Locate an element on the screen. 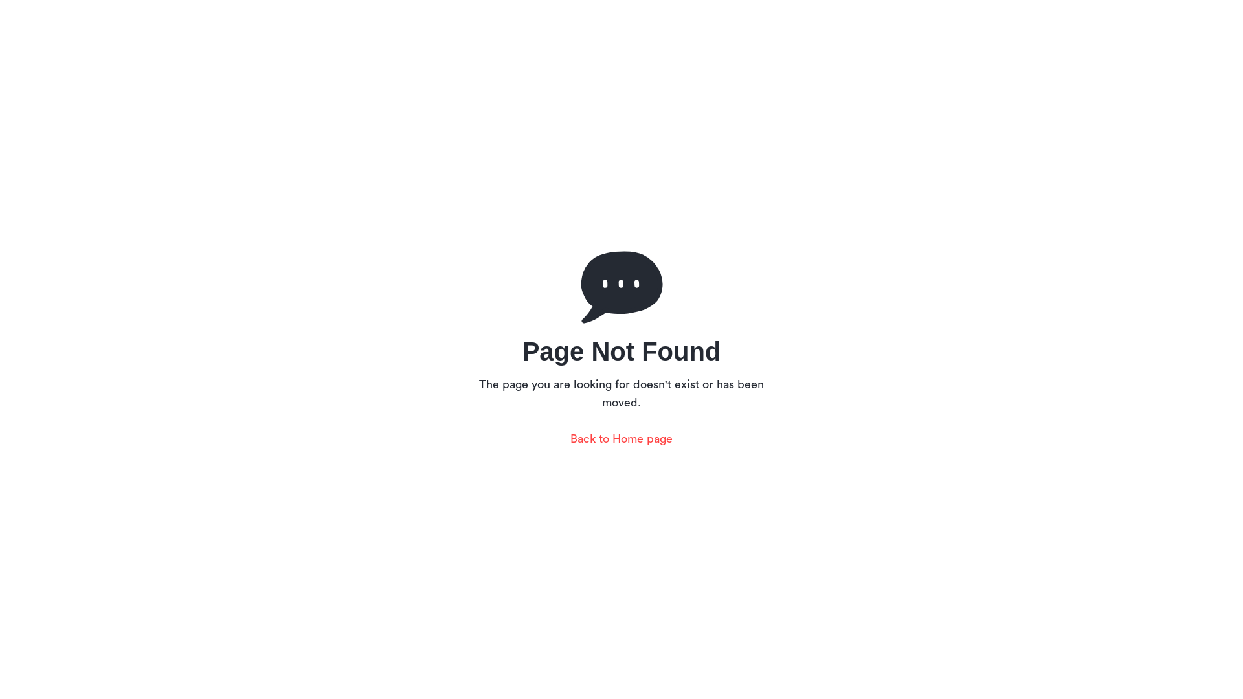 Image resolution: width=1243 pixels, height=699 pixels. 'Back to Home page' is located at coordinates (621, 438).